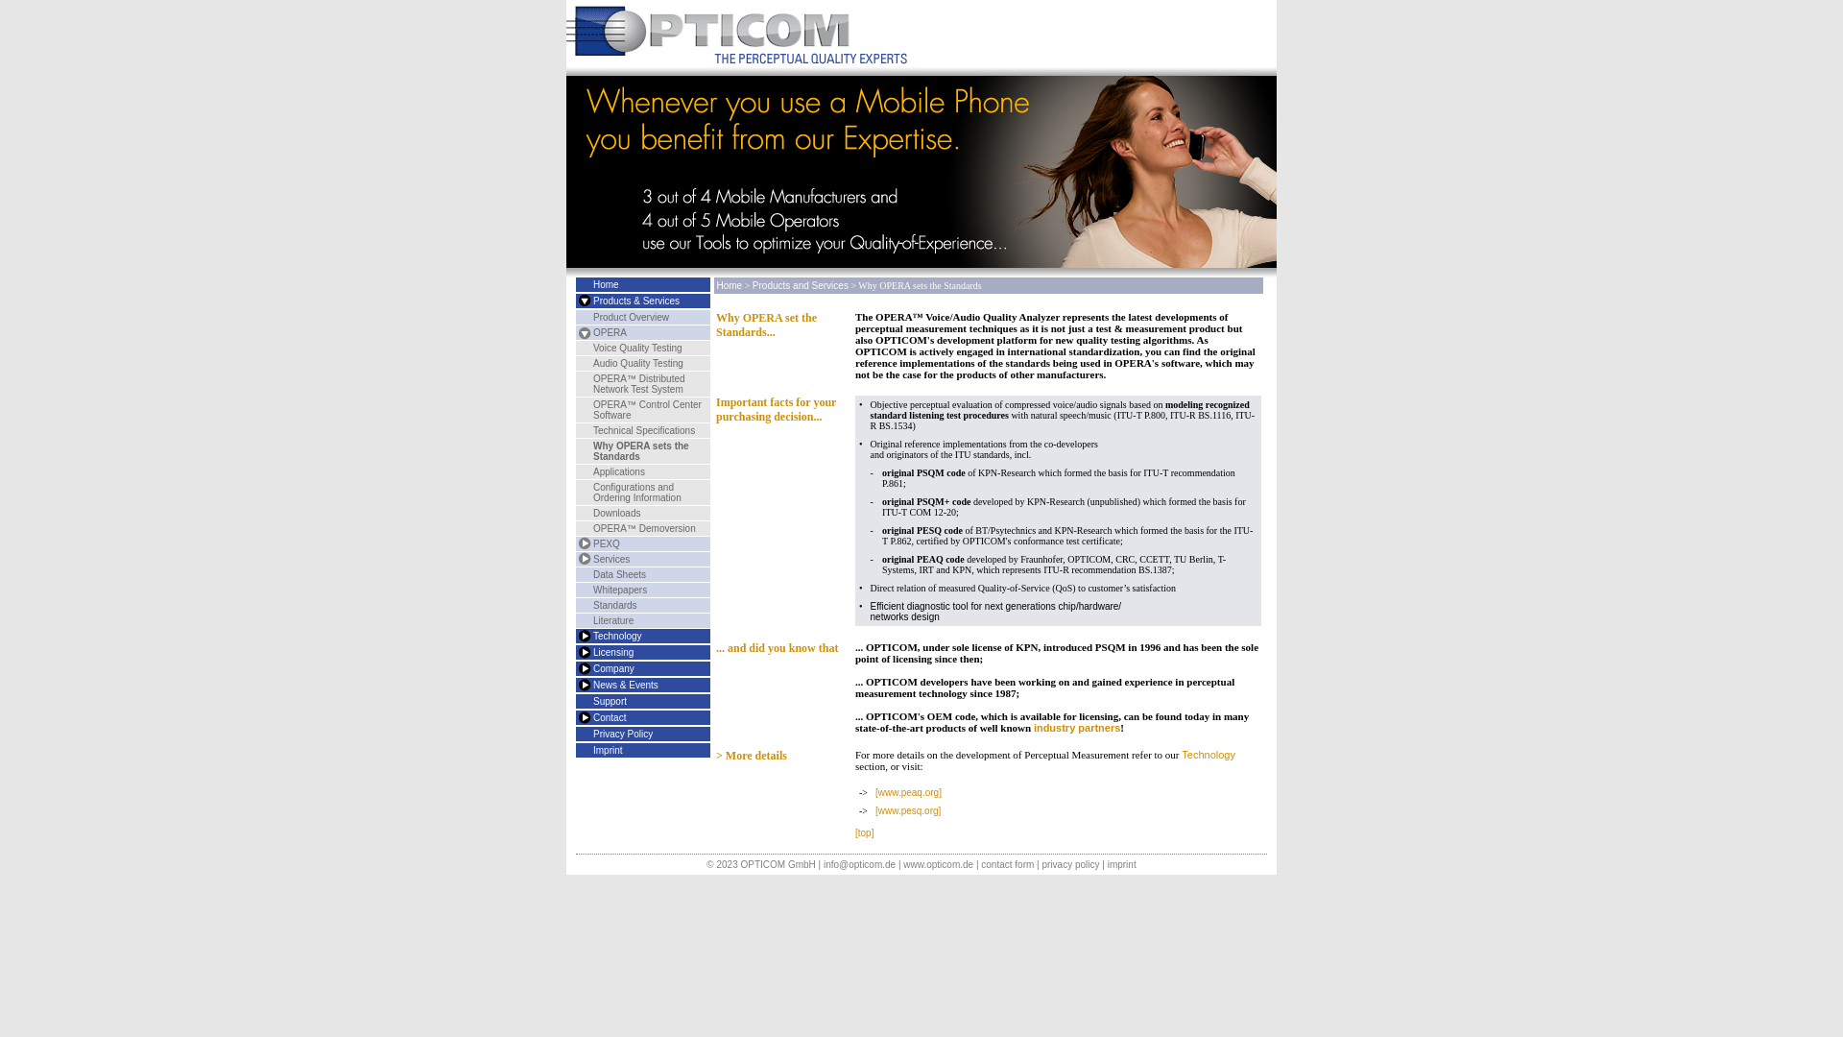 The width and height of the screenshot is (1843, 1037). What do you see at coordinates (620, 589) in the screenshot?
I see `'Whitepapers'` at bounding box center [620, 589].